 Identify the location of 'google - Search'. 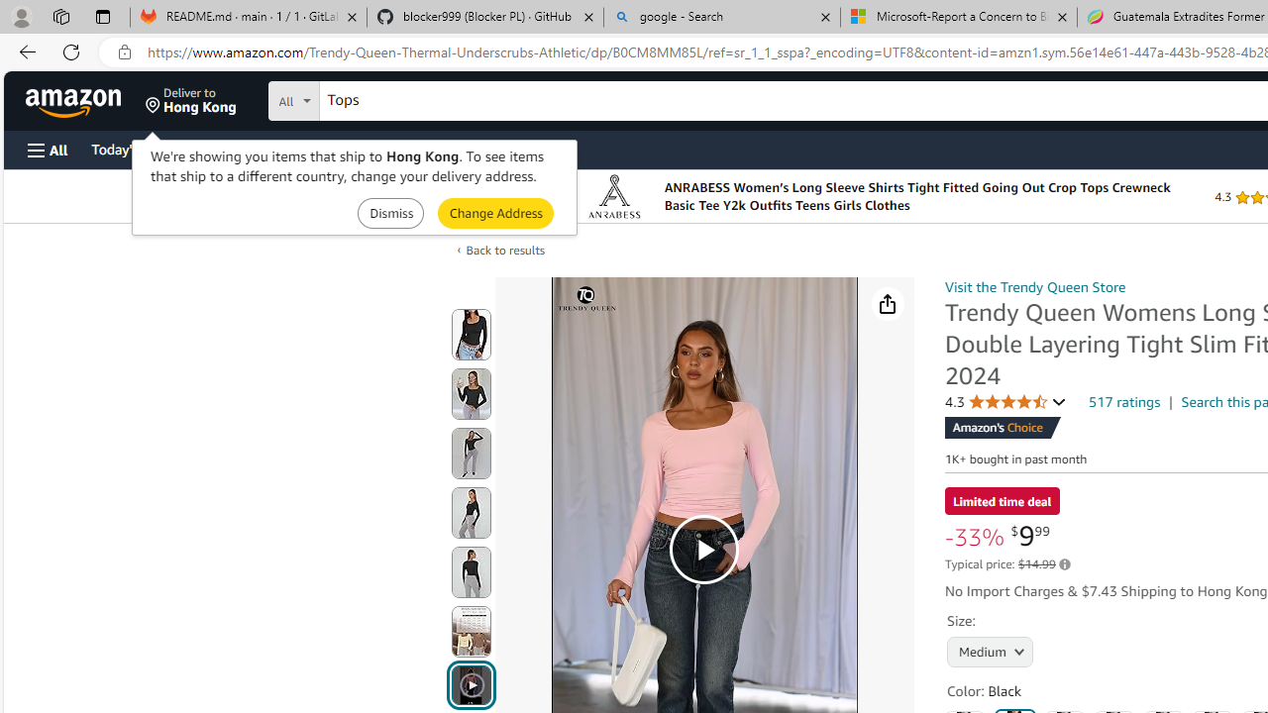
(721, 17).